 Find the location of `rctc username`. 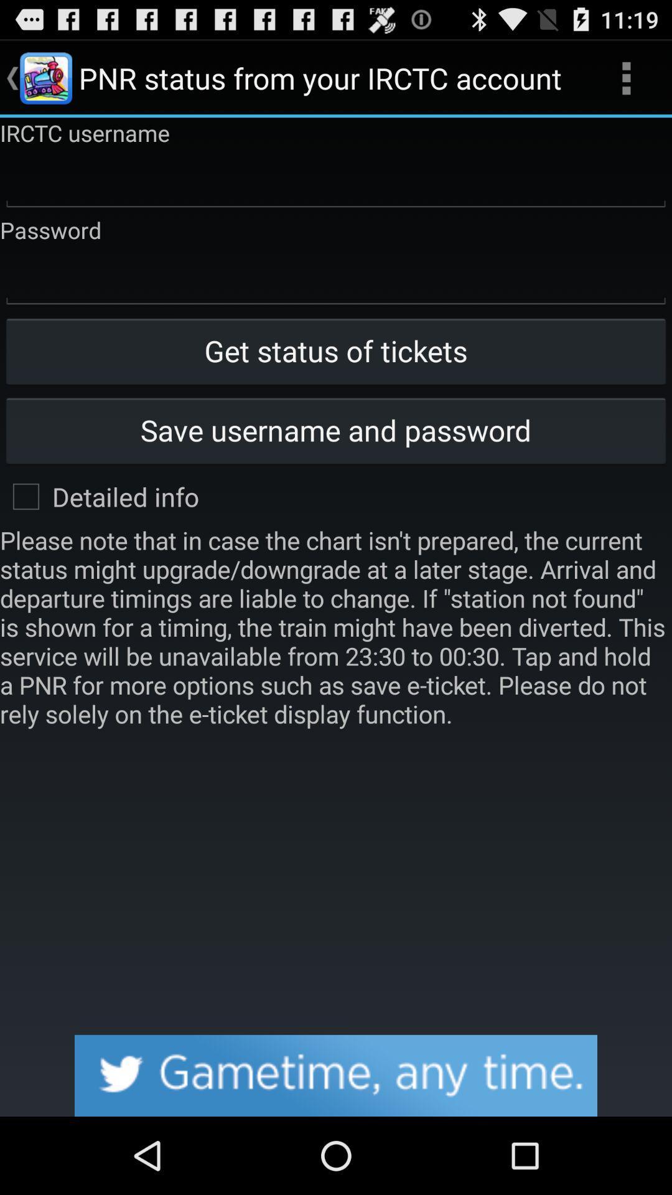

rctc username is located at coordinates (336, 180).